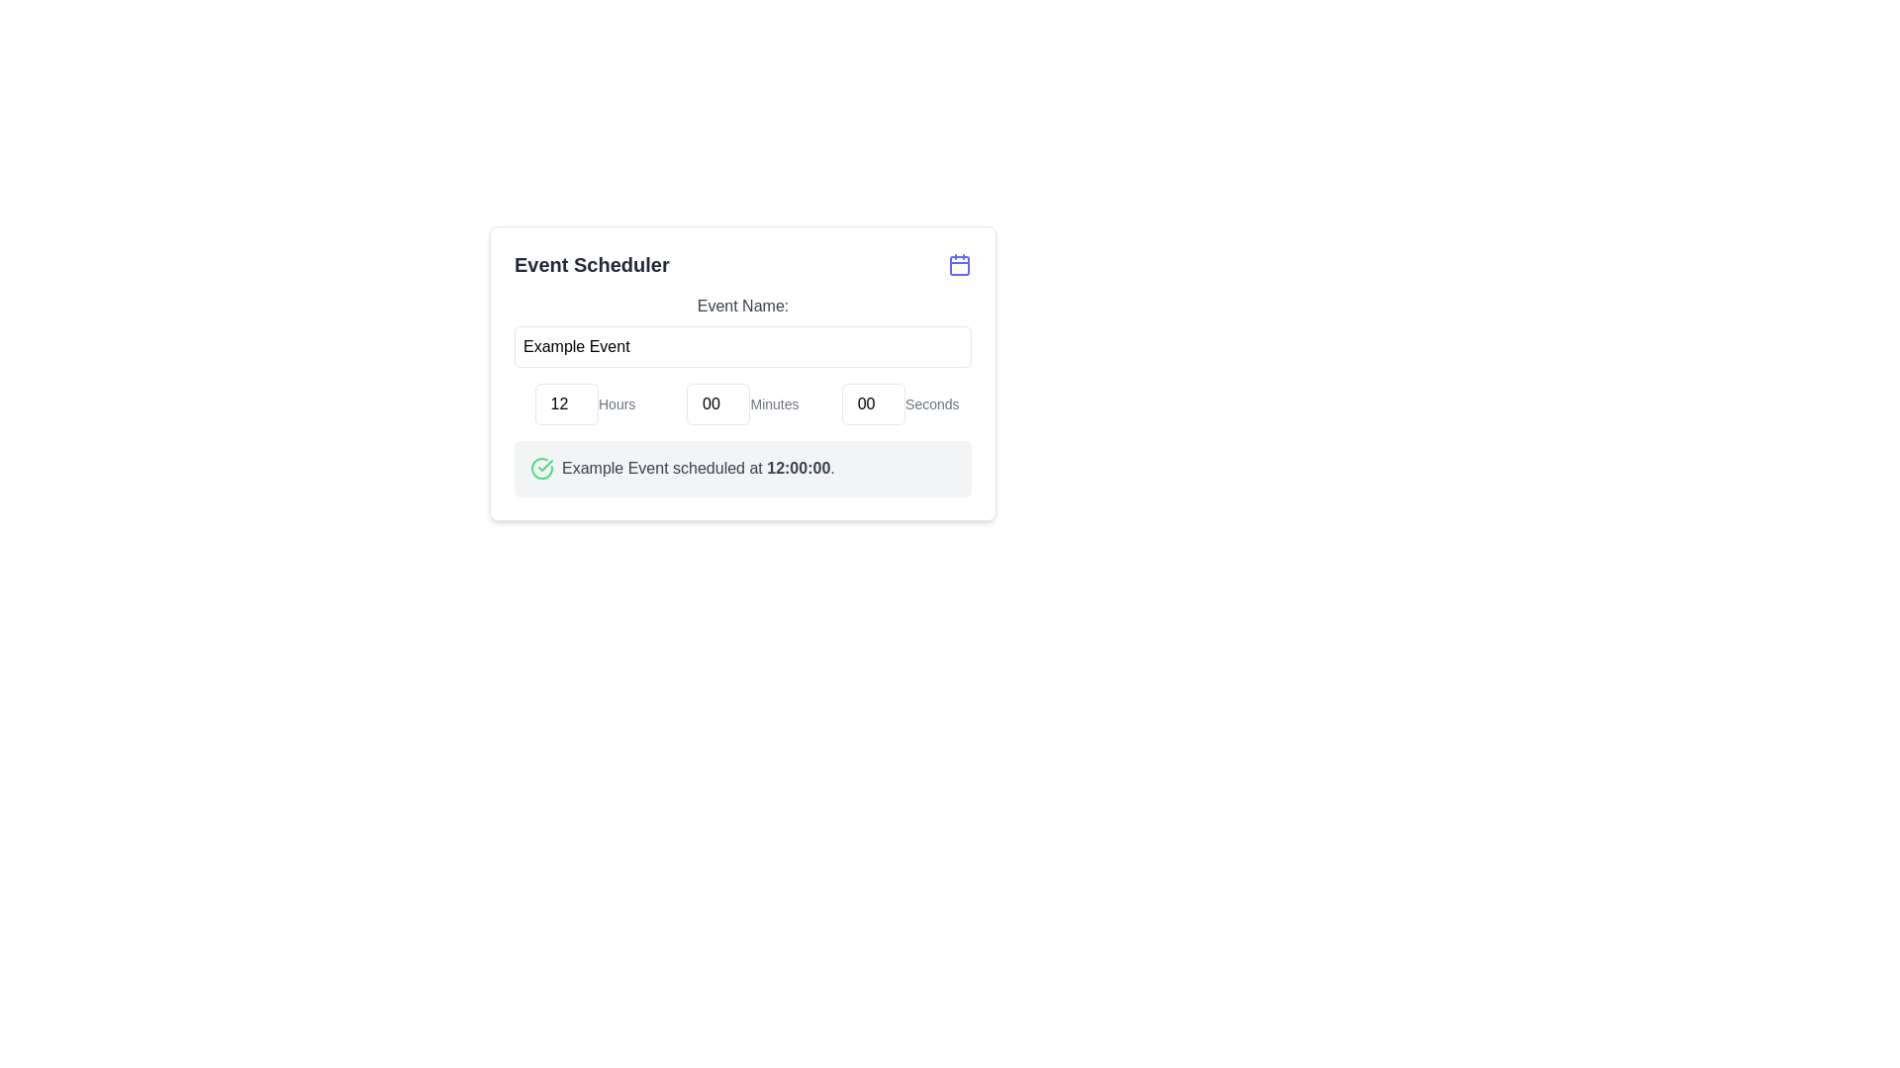 This screenshot has width=1900, height=1068. What do you see at coordinates (931, 402) in the screenshot?
I see `the text label that displays 'Seconds', which is located to the right of the numeric input box for seconds in the Event Scheduler interface` at bounding box center [931, 402].